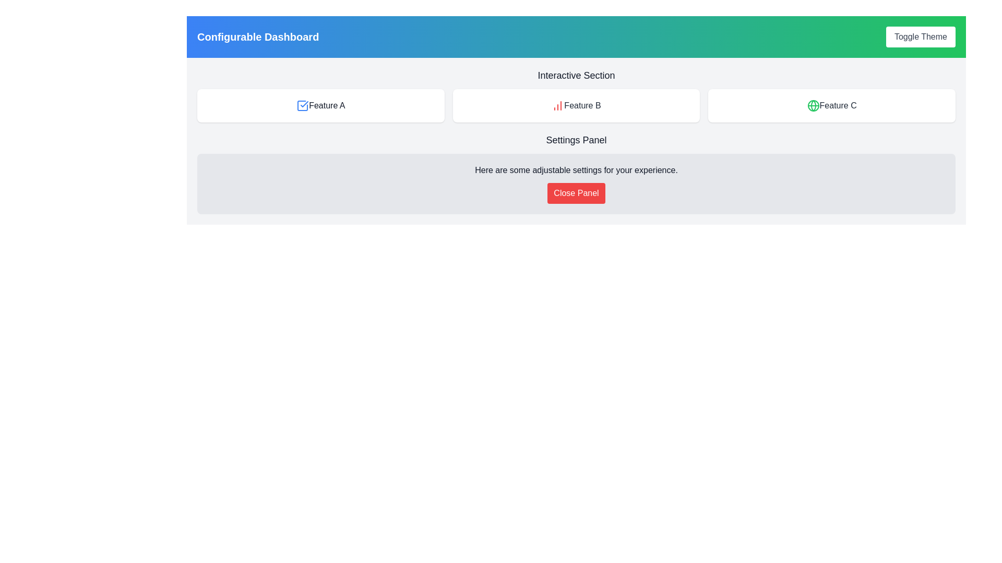 The height and width of the screenshot is (563, 1002). Describe the element at coordinates (576, 193) in the screenshot. I see `the button located beneath the message 'Here are some adjustable settings for your experience.' in the 'Settings Panel'` at that location.